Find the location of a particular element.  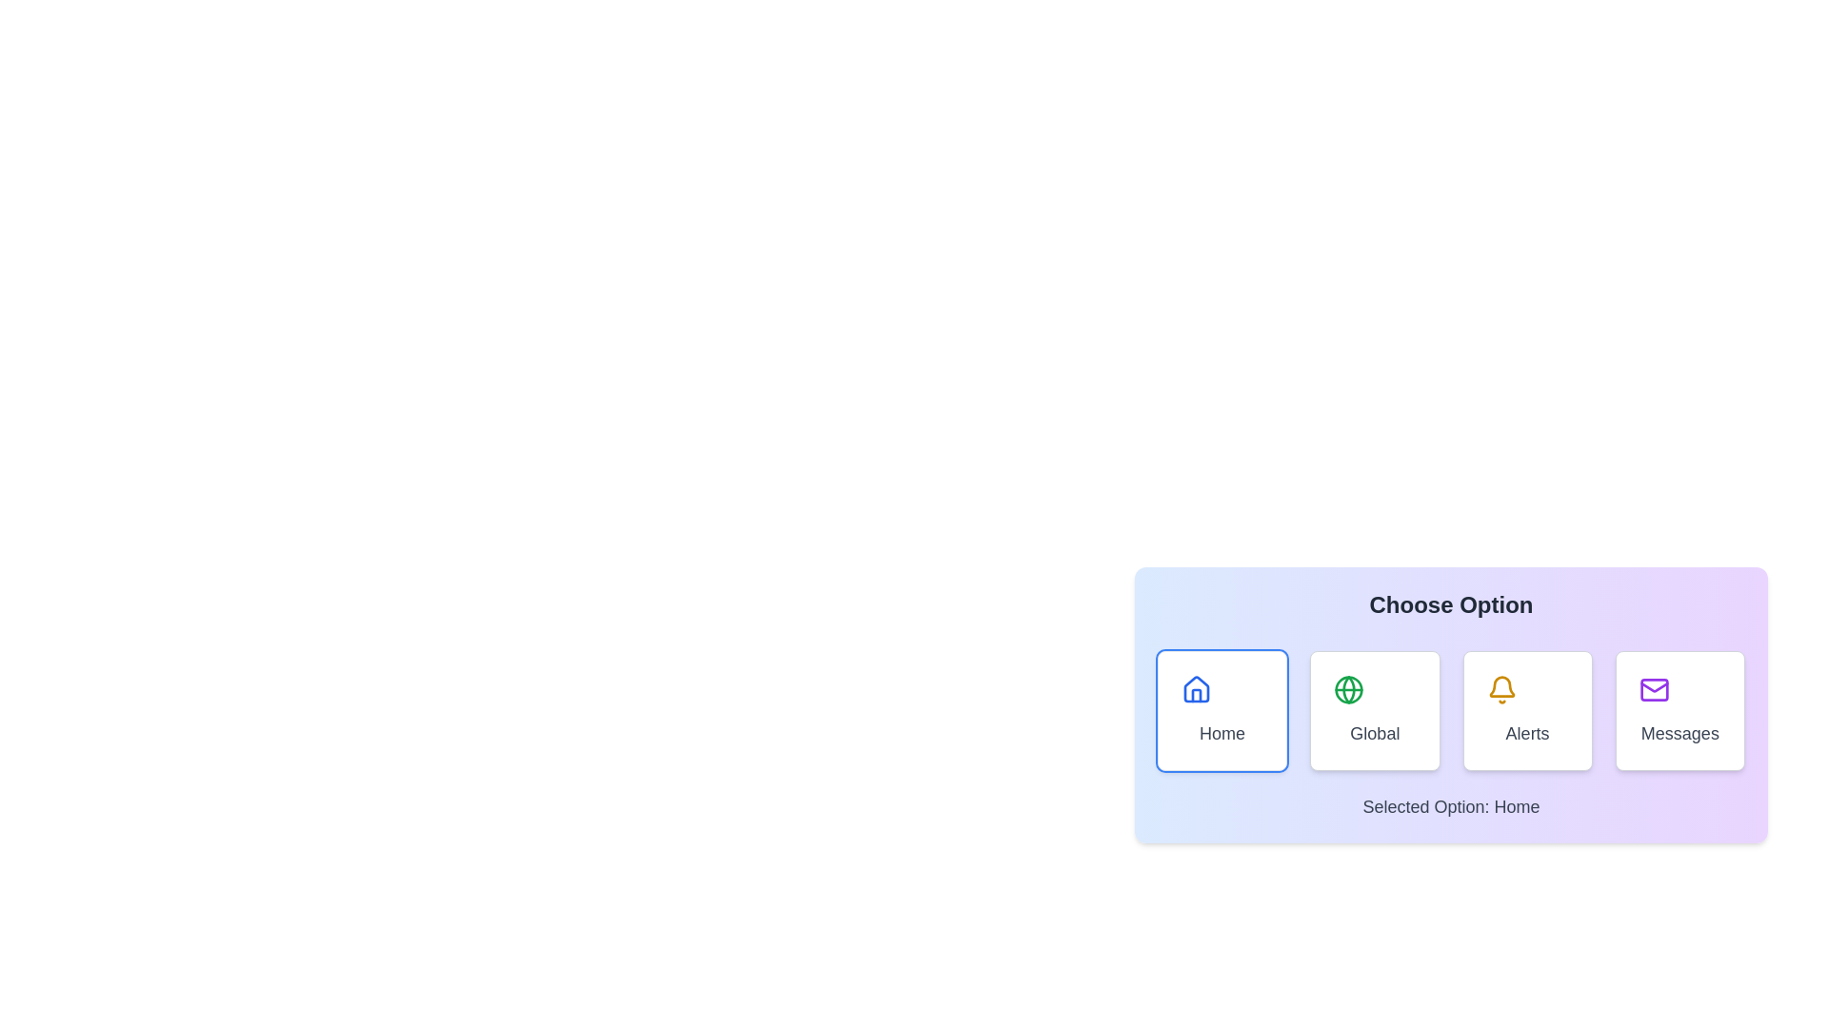

the 'Home' text label, which is displayed in gray color and is positioned below a house icon within a rounded, bordered card is located at coordinates (1222, 733).